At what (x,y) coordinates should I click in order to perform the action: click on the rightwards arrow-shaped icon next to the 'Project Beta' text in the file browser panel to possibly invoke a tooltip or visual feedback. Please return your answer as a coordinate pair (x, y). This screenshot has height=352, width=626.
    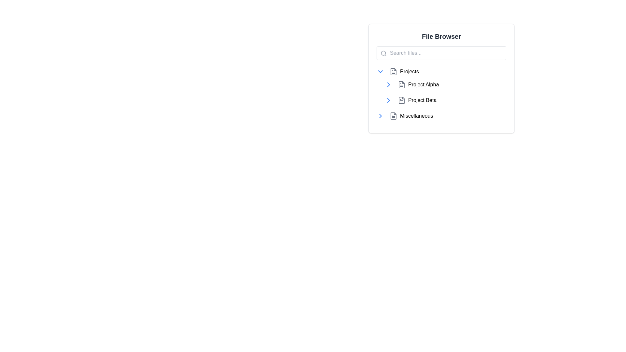
    Looking at the image, I should click on (380, 115).